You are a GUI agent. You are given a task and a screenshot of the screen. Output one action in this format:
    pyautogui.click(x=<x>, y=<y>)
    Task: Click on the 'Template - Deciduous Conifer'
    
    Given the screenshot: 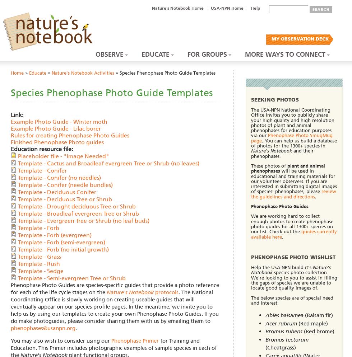 What is the action you would take?
    pyautogui.click(x=57, y=191)
    